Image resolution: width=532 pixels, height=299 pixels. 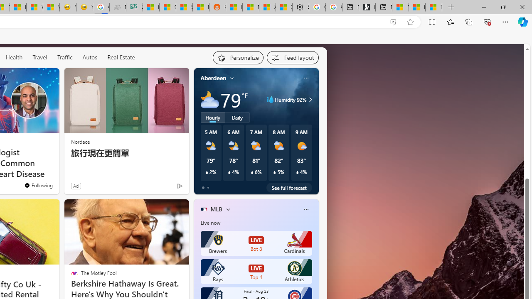 I want to click on 'Microsoft Start Gaming', so click(x=367, y=7).